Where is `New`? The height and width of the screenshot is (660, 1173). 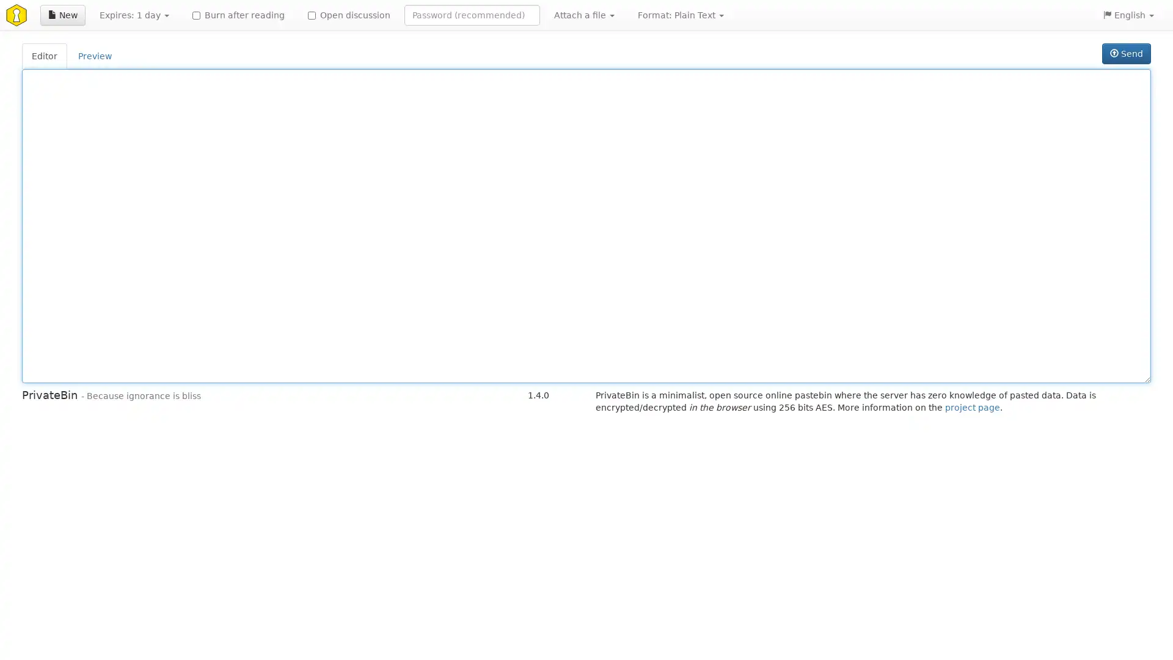 New is located at coordinates (62, 15).